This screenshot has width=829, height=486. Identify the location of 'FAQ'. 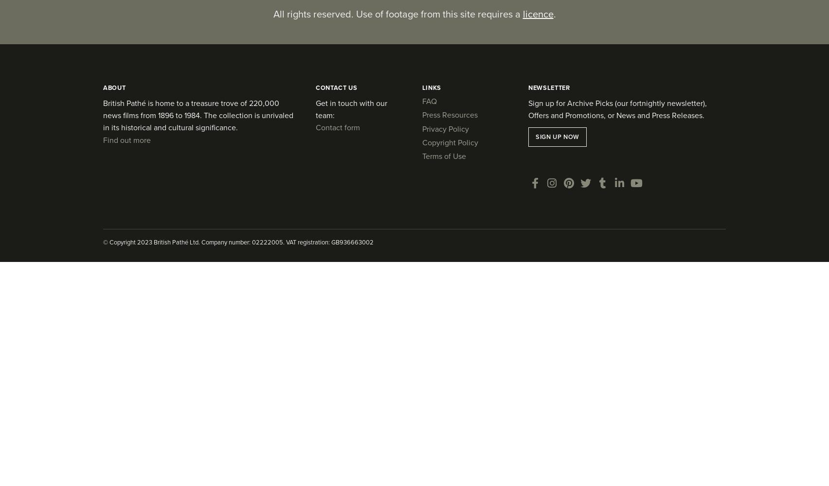
(429, 100).